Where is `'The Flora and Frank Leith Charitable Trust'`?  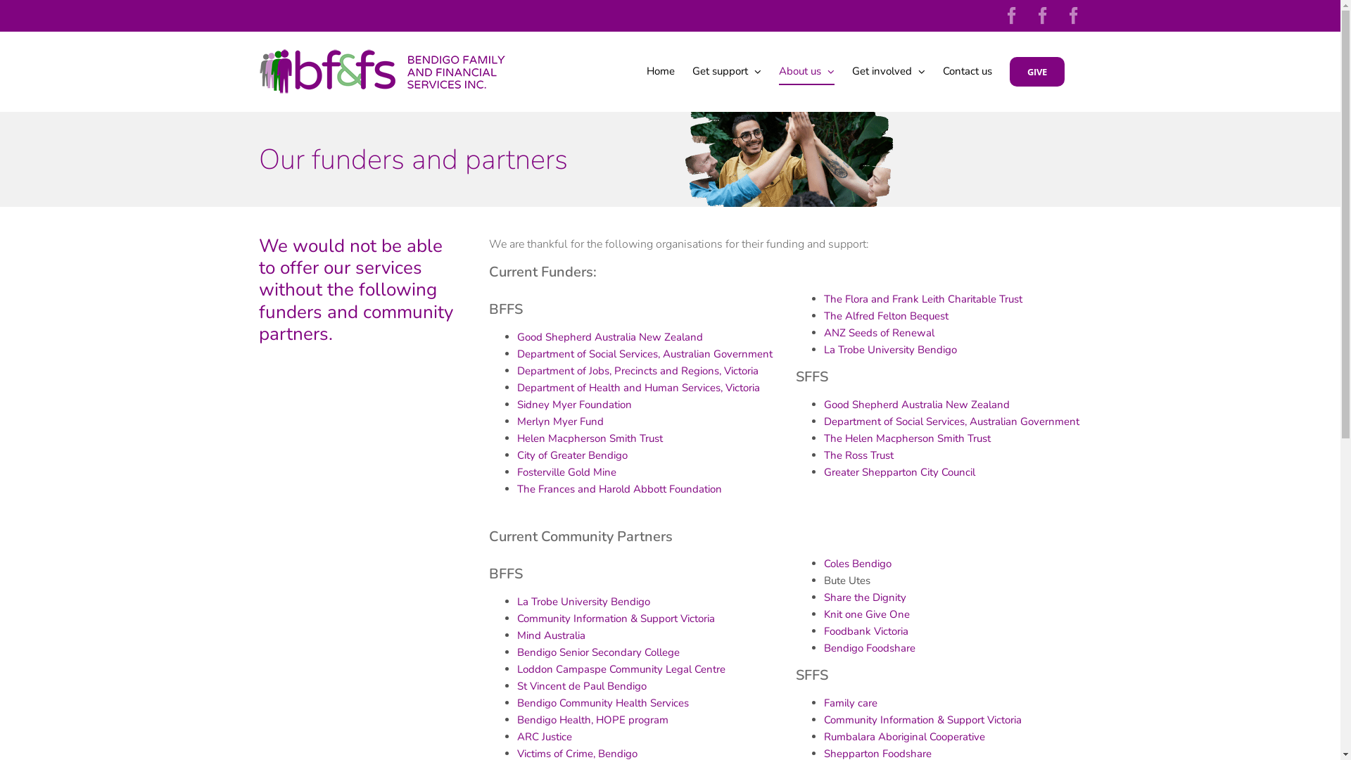
'The Flora and Frank Leith Charitable Trust' is located at coordinates (922, 298).